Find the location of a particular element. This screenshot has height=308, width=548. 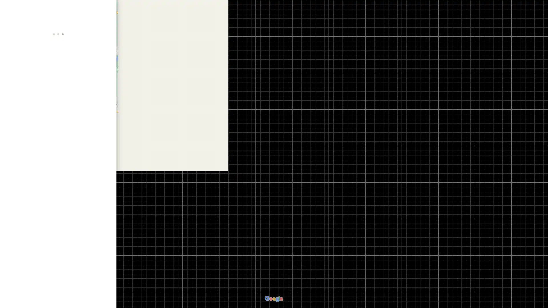

Search nearby TOVARNA.CZ, s.r.o. is located at coordinates (58, 111).